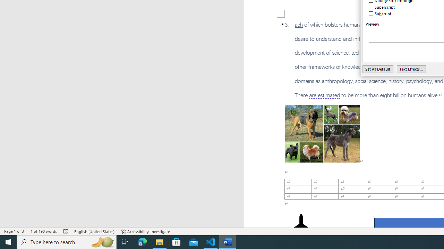 The width and height of the screenshot is (444, 249). What do you see at coordinates (411, 69) in the screenshot?
I see `'Text Effects...'` at bounding box center [411, 69].